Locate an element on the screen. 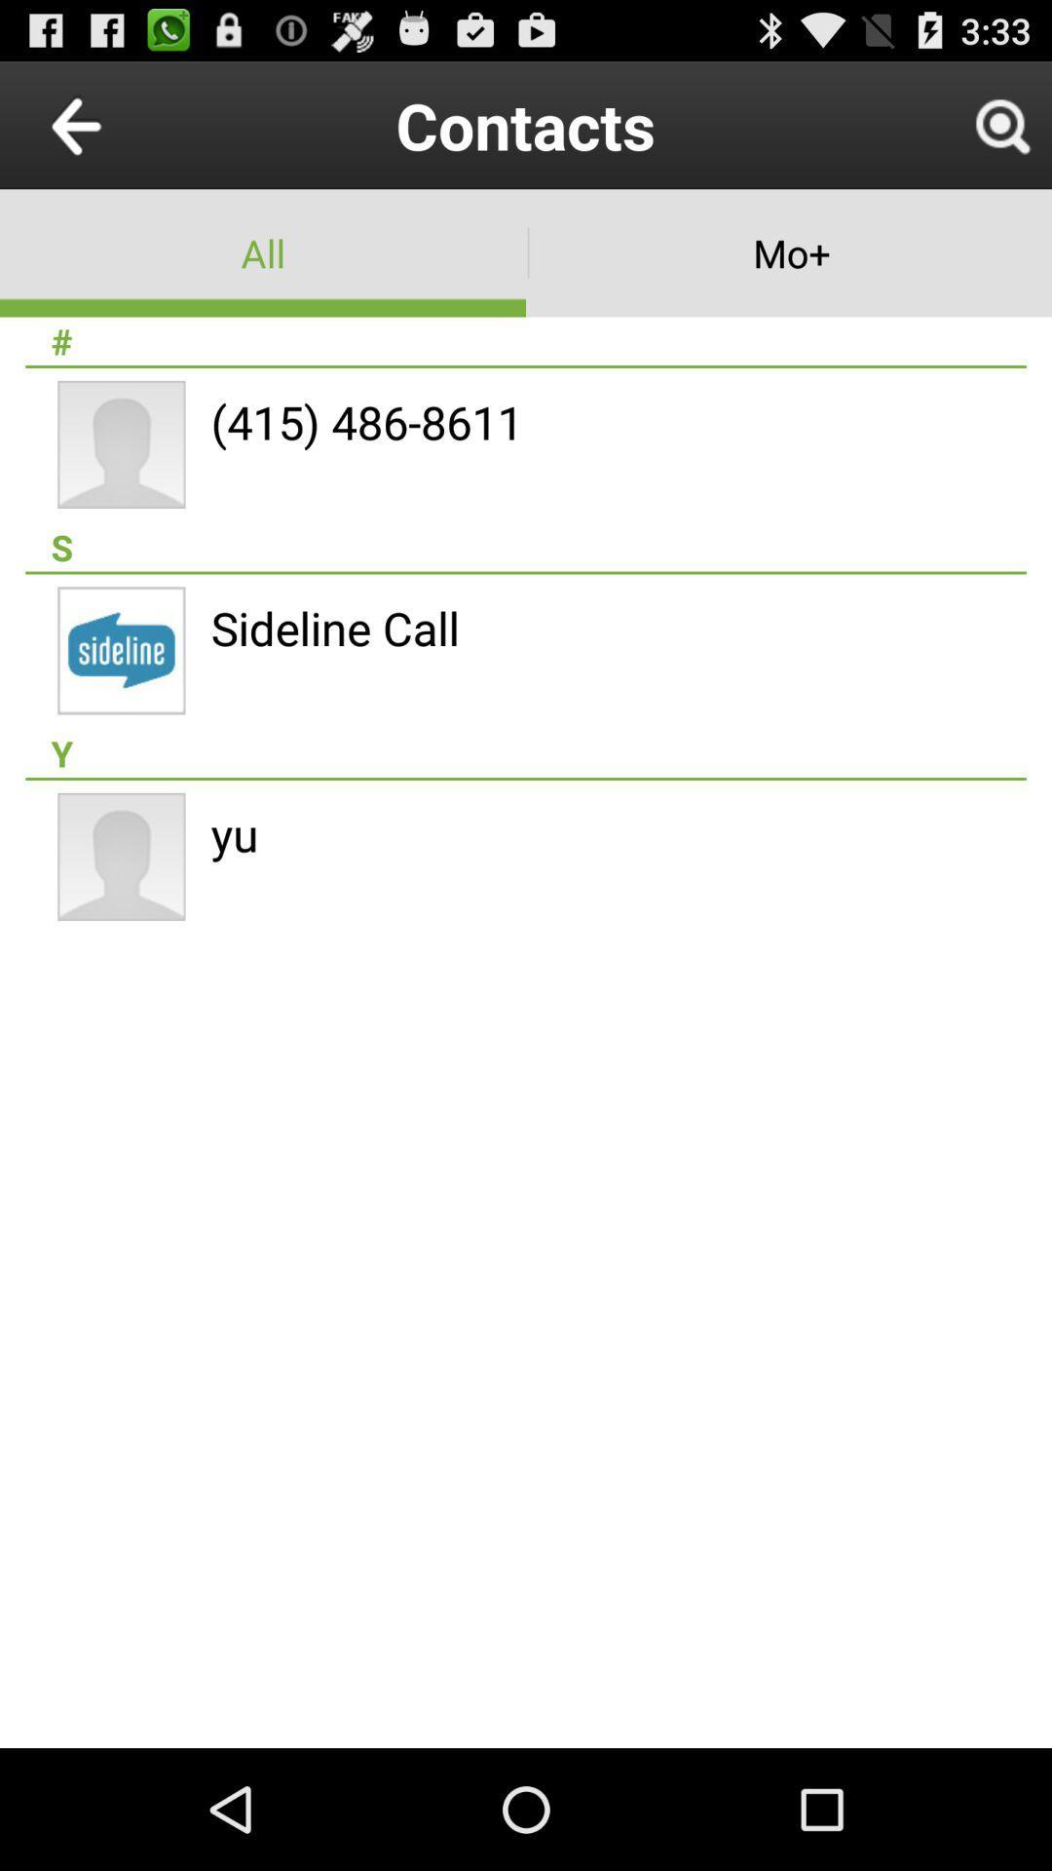 The height and width of the screenshot is (1871, 1052). the # item is located at coordinates (526, 341).